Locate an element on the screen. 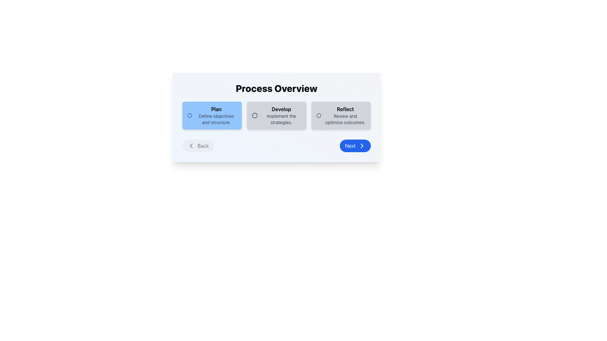 The image size is (607, 341). the right-pointing chevron icon within the blue circular button labeled 'Next' is located at coordinates (362, 146).